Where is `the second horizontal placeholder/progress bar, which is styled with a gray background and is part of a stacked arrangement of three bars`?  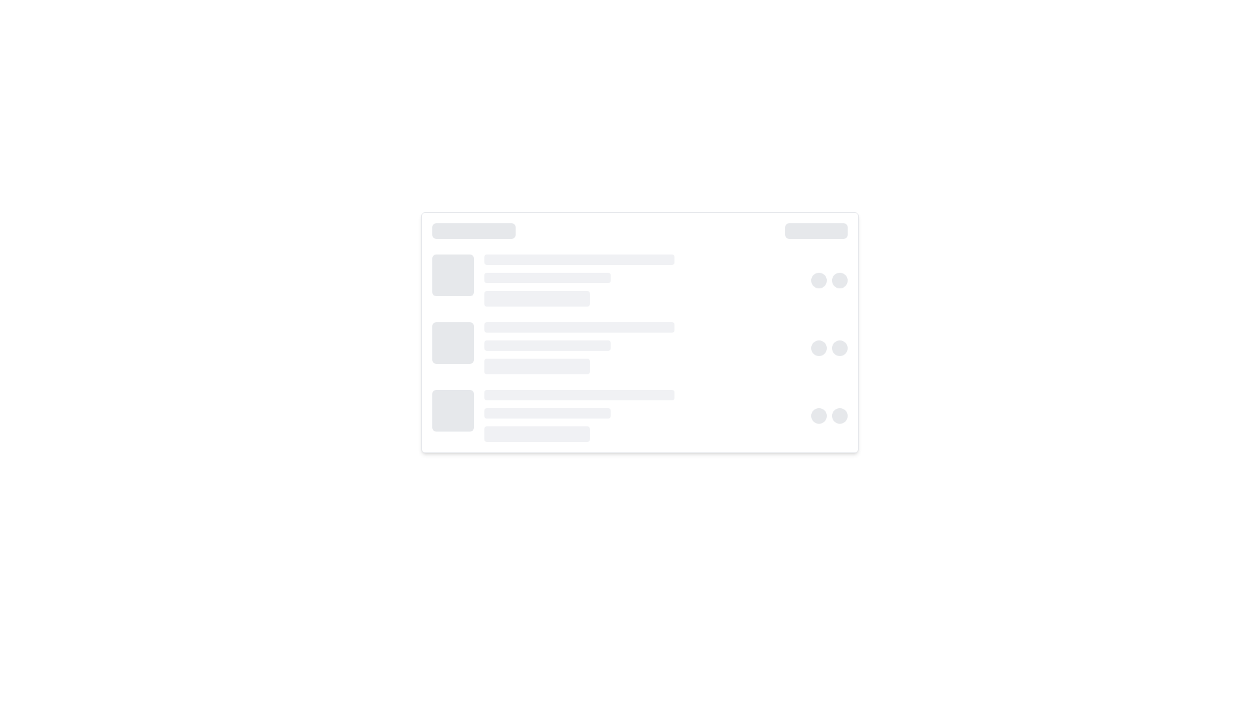
the second horizontal placeholder/progress bar, which is styled with a gray background and is part of a stacked arrangement of three bars is located at coordinates (548, 413).